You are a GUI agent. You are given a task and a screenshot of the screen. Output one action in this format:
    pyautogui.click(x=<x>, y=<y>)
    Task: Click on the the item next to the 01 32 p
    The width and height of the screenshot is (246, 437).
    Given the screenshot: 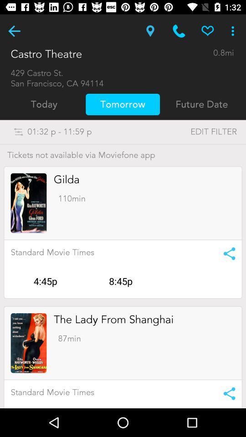 What is the action you would take?
    pyautogui.click(x=195, y=131)
    